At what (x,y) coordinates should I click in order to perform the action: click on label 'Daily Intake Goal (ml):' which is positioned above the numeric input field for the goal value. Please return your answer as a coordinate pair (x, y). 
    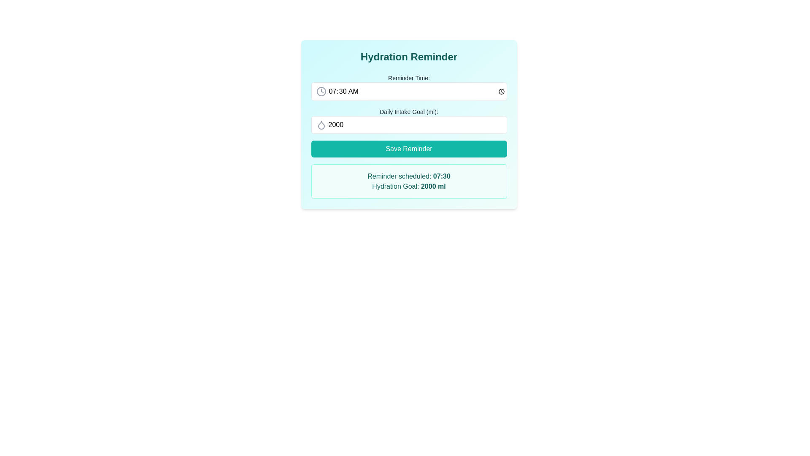
    Looking at the image, I should click on (409, 111).